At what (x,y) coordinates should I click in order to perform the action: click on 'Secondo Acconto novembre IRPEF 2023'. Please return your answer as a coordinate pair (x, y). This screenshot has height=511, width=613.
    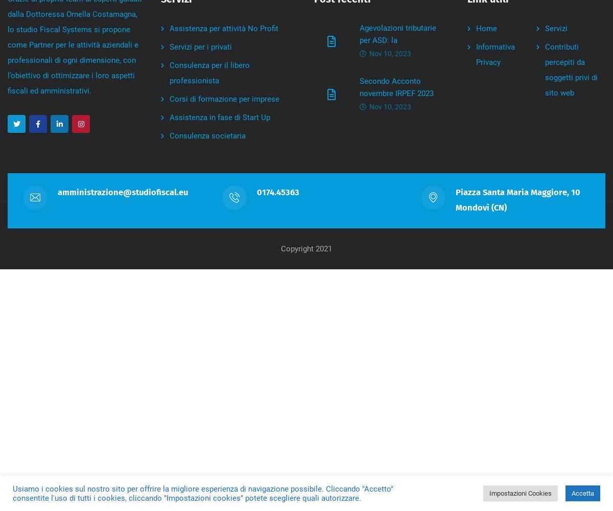
    Looking at the image, I should click on (360, 87).